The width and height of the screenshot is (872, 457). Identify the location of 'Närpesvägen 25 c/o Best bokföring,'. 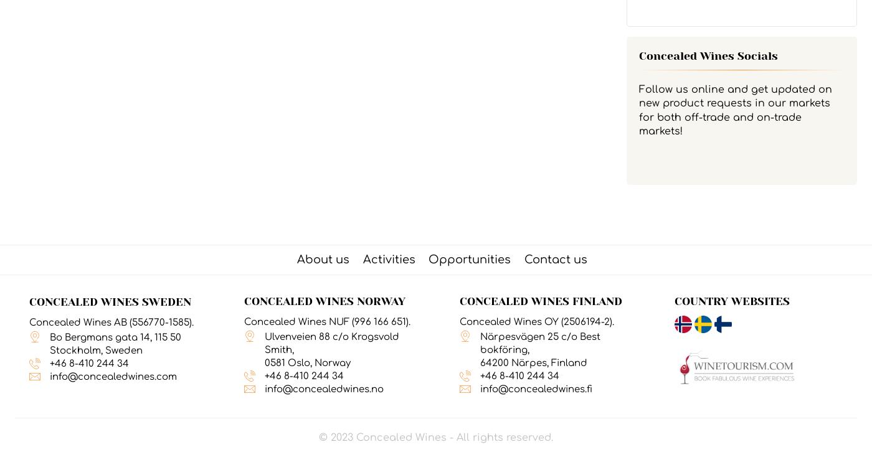
(539, 342).